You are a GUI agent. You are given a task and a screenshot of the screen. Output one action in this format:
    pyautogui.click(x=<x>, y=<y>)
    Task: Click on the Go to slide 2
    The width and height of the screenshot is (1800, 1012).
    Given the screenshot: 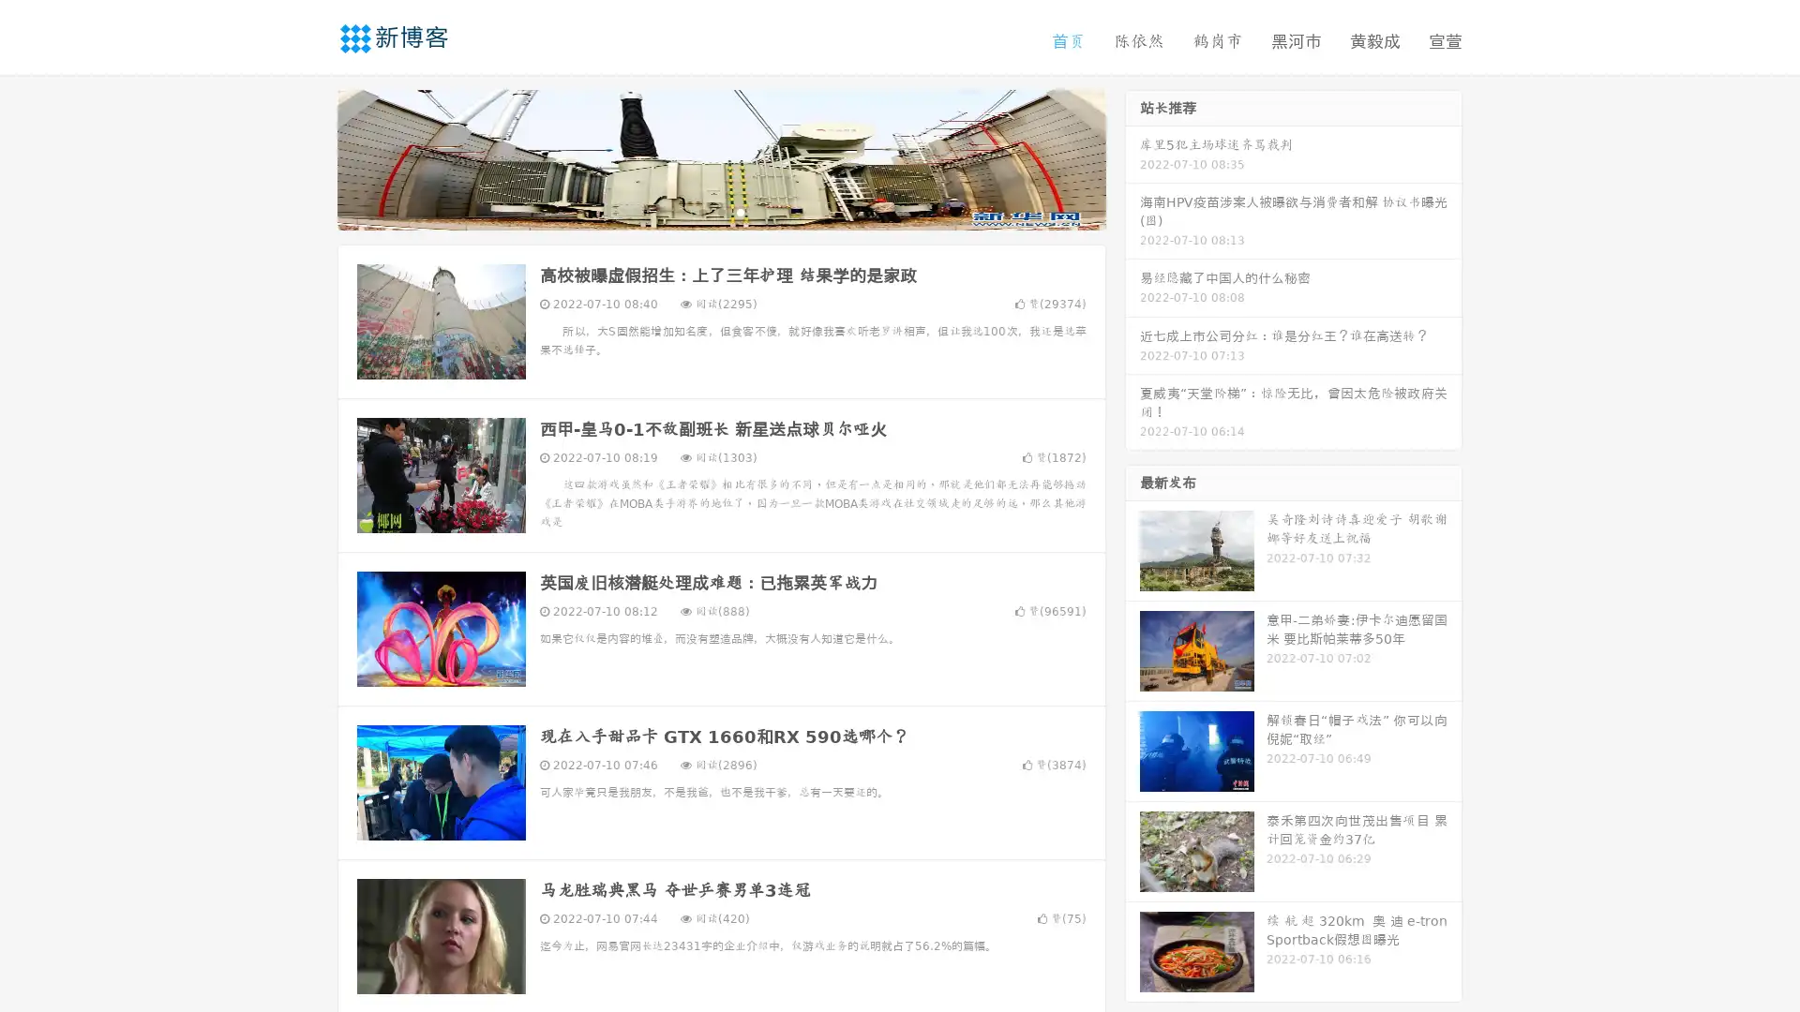 What is the action you would take?
    pyautogui.click(x=720, y=211)
    